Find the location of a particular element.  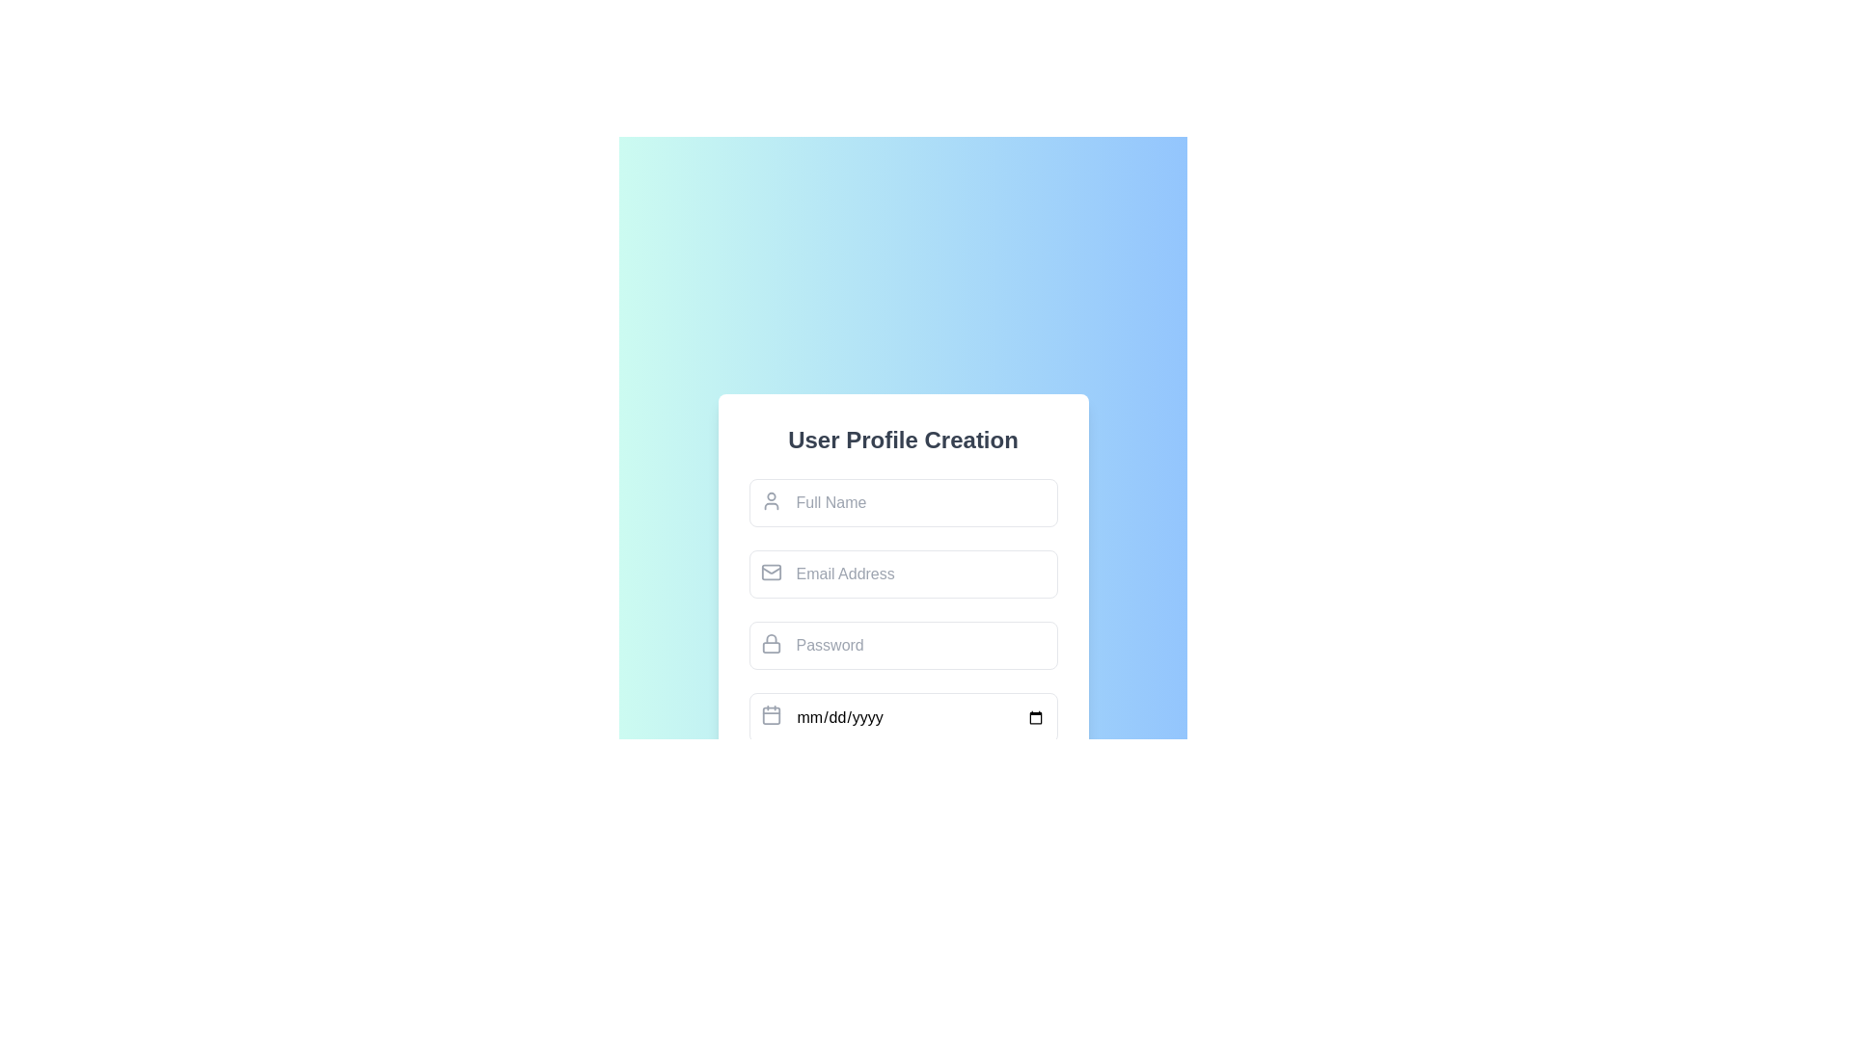

the email input field located below the 'Full Name' input field in the 'User Profile Creation' form to focus on it is located at coordinates (902, 574).